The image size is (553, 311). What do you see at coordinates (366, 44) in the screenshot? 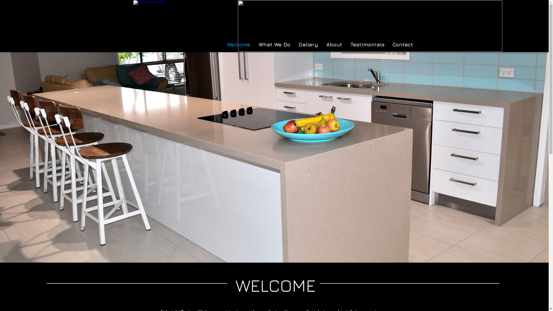
I see `'Testimonials'` at bounding box center [366, 44].